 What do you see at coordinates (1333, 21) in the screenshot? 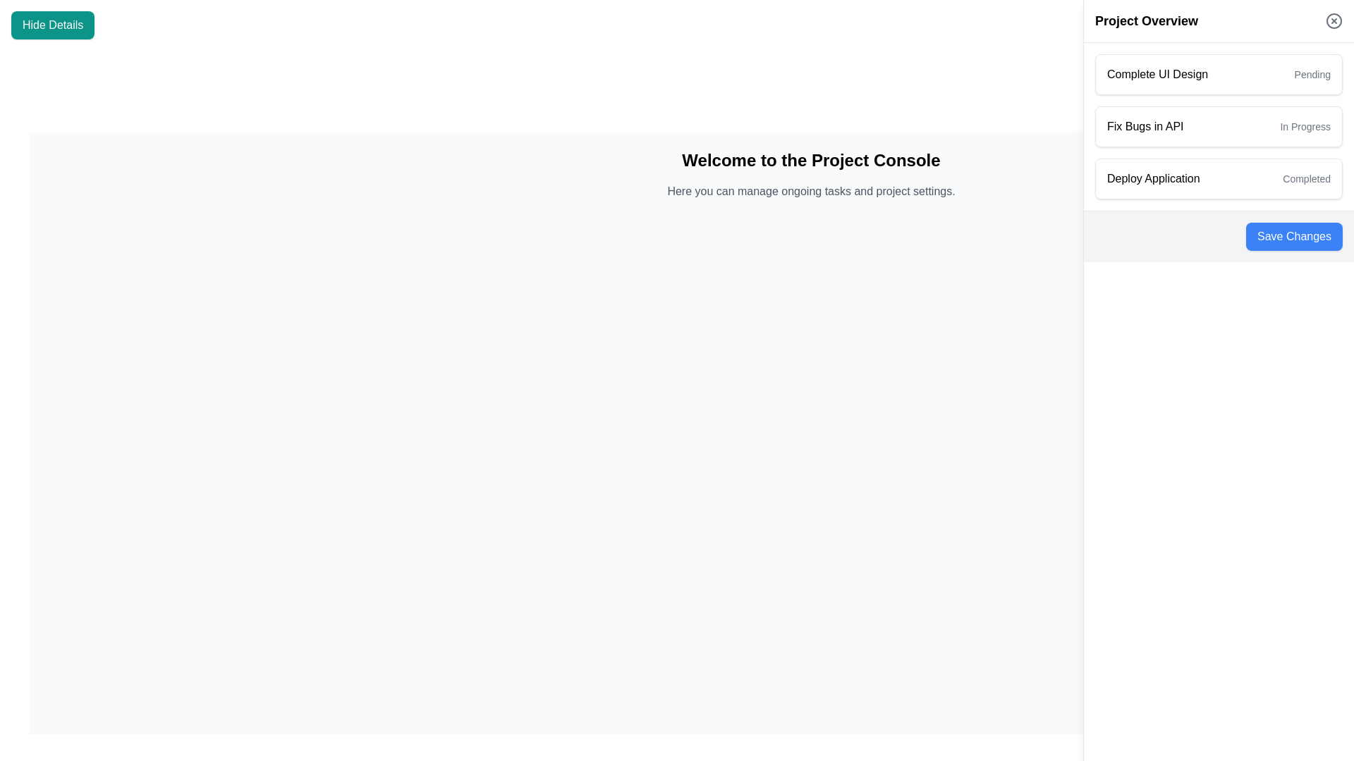
I see `the Close button, which is a circular SVG graphic with a cross inside, located at the top right corner of the 'Project Overview' panel` at bounding box center [1333, 21].